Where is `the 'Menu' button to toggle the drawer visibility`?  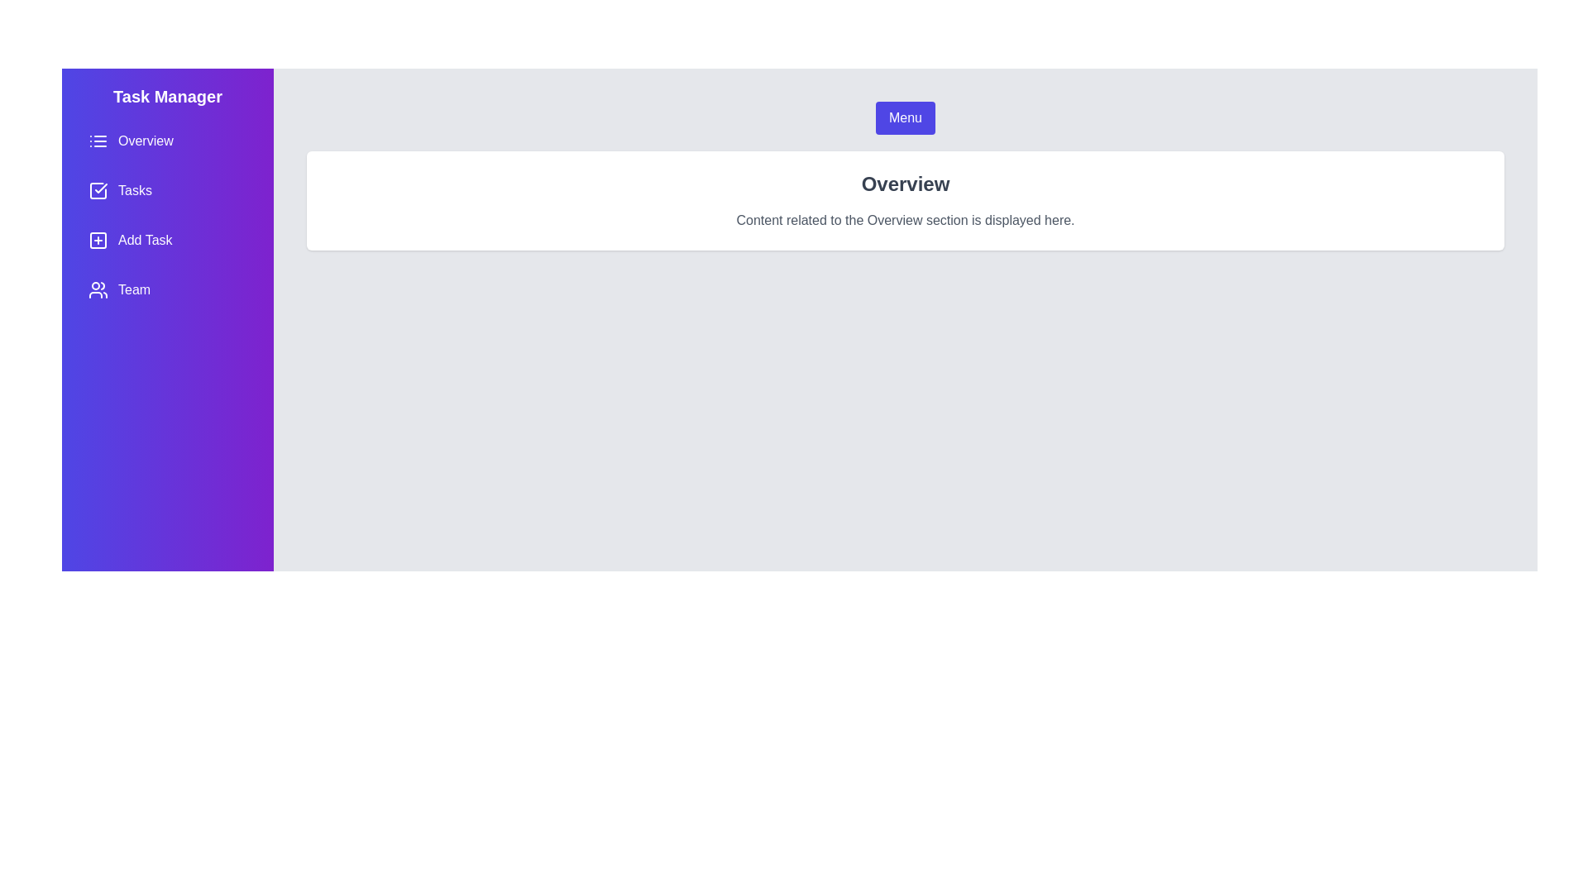 the 'Menu' button to toggle the drawer visibility is located at coordinates (904, 117).